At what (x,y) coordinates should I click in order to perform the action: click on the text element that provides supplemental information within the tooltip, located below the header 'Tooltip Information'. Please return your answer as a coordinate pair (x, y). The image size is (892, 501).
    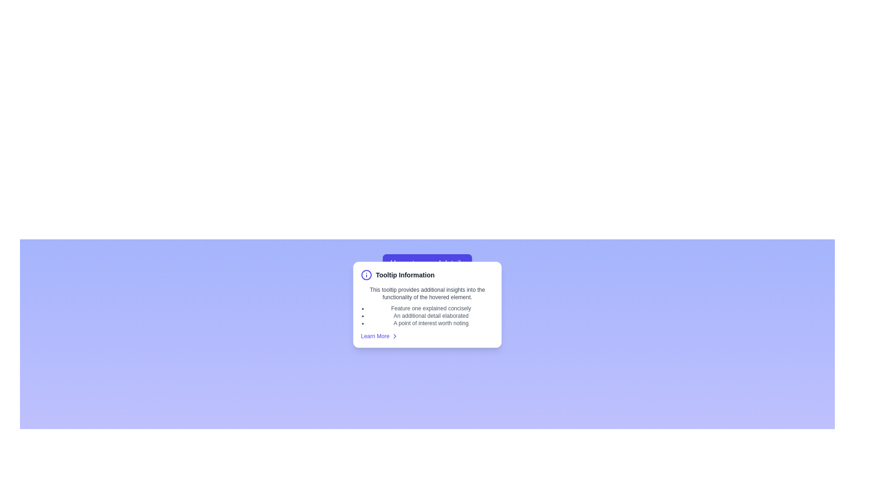
    Looking at the image, I should click on (427, 293).